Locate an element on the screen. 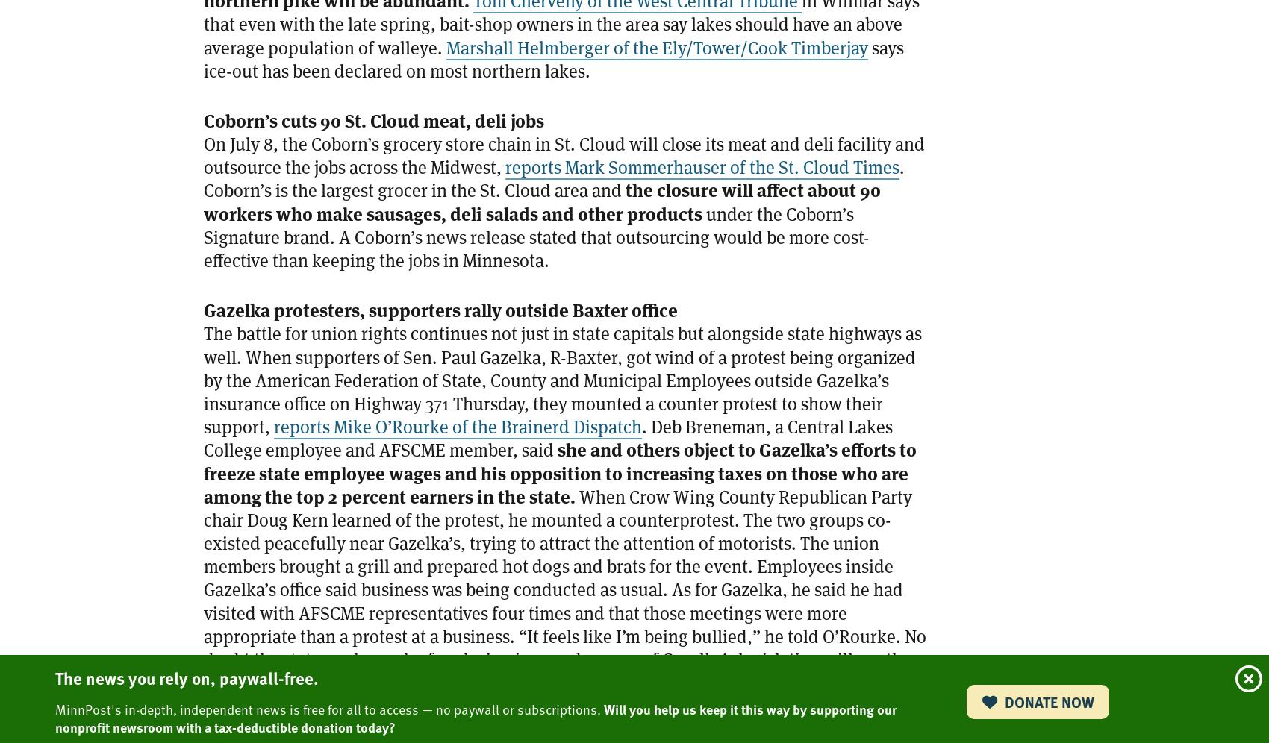  'Marshall Helmberger of the Ely/Tower/Cook Timberjay' is located at coordinates (446, 46).